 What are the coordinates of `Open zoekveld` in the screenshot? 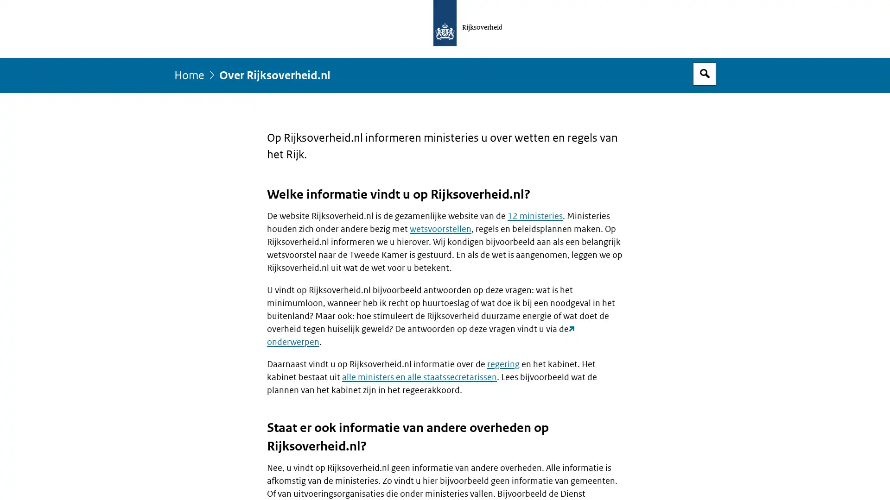 It's located at (705, 73).